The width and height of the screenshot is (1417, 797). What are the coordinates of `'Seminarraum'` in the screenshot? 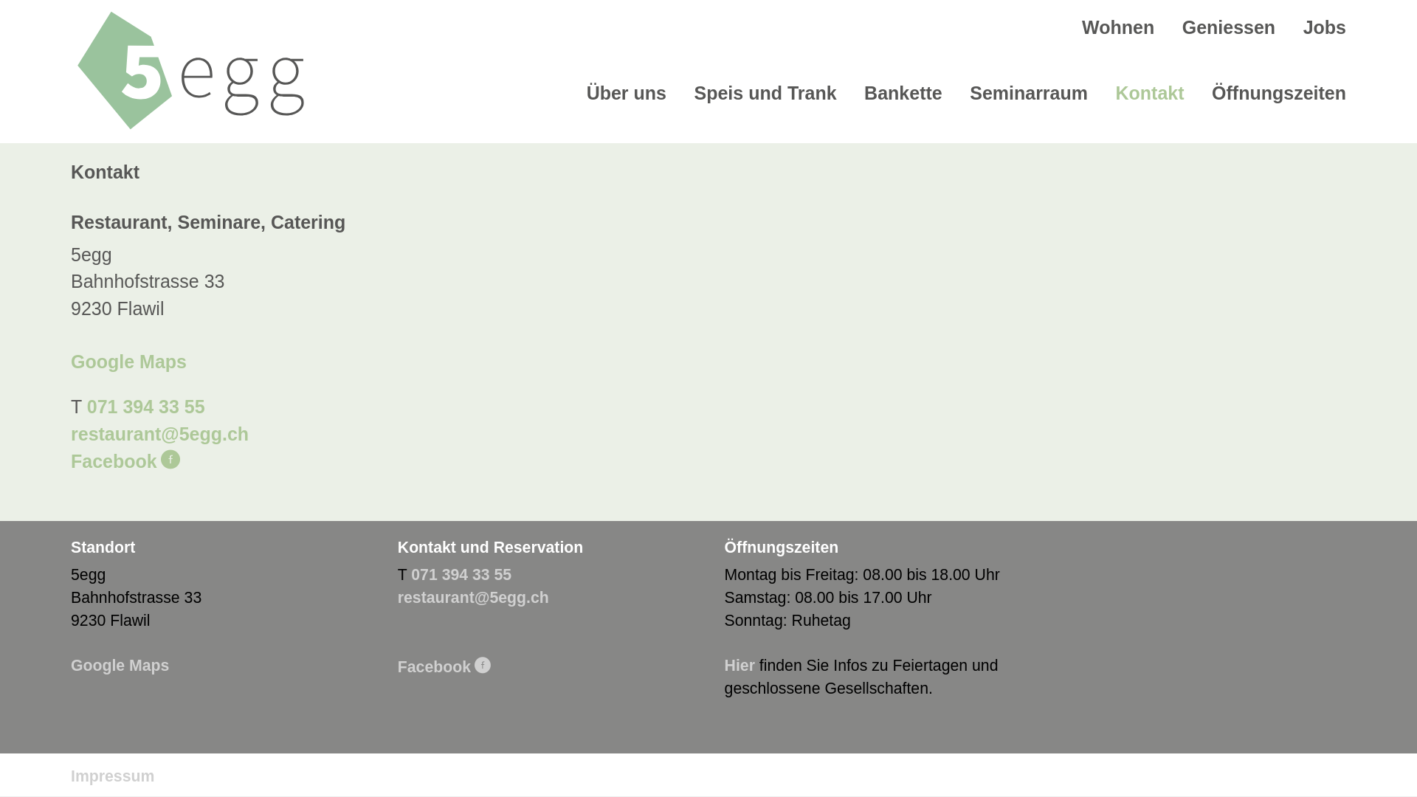 It's located at (1027, 93).